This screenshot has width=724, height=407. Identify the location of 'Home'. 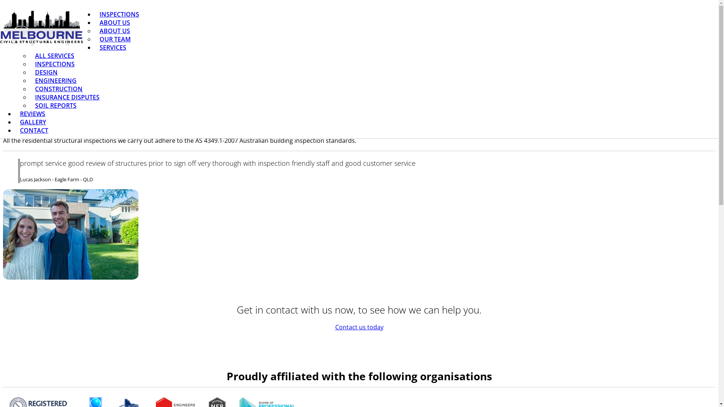
(664, 24).